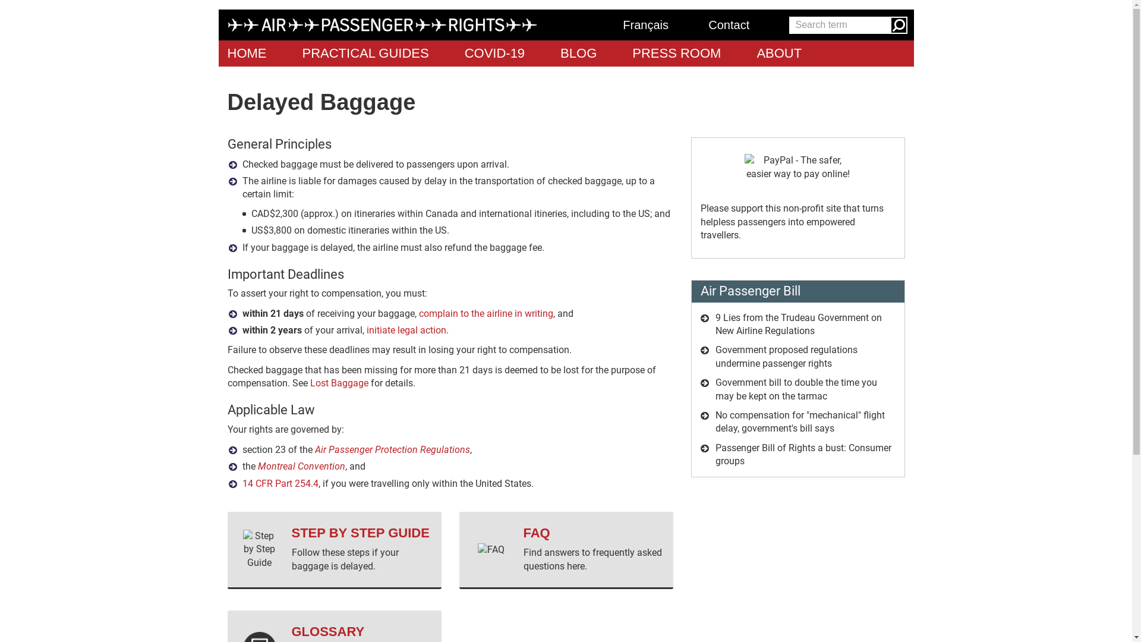 The height and width of the screenshot is (642, 1141). What do you see at coordinates (715, 355) in the screenshot?
I see `'Government proposed regulations undermine passenger rights'` at bounding box center [715, 355].